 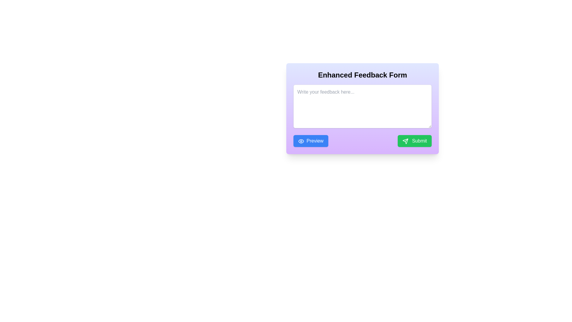 I want to click on the icon representing the submission functionality, located at the top-right corner of the green 'Submit' button, so click(x=405, y=141).